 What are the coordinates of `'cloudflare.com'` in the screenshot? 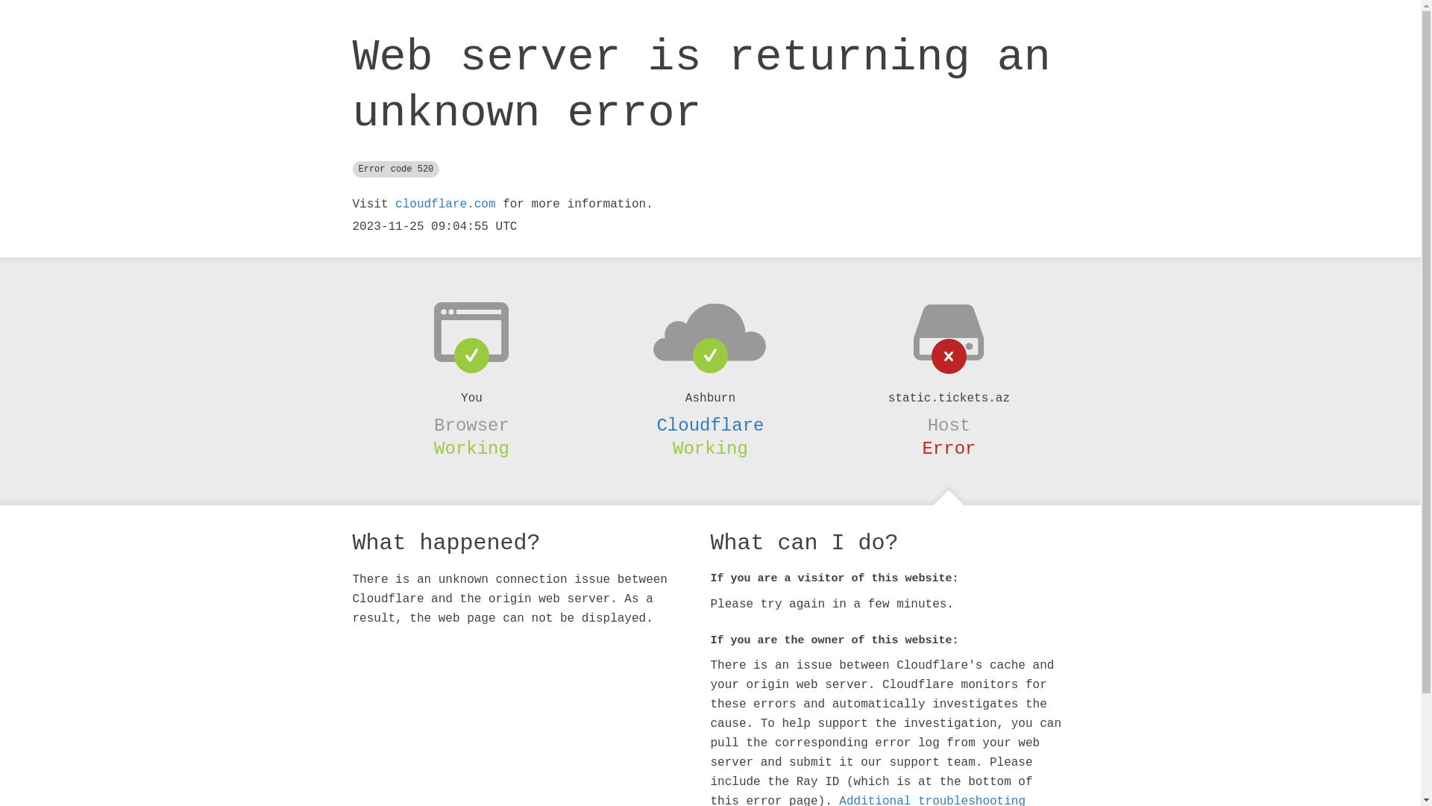 It's located at (444, 204).